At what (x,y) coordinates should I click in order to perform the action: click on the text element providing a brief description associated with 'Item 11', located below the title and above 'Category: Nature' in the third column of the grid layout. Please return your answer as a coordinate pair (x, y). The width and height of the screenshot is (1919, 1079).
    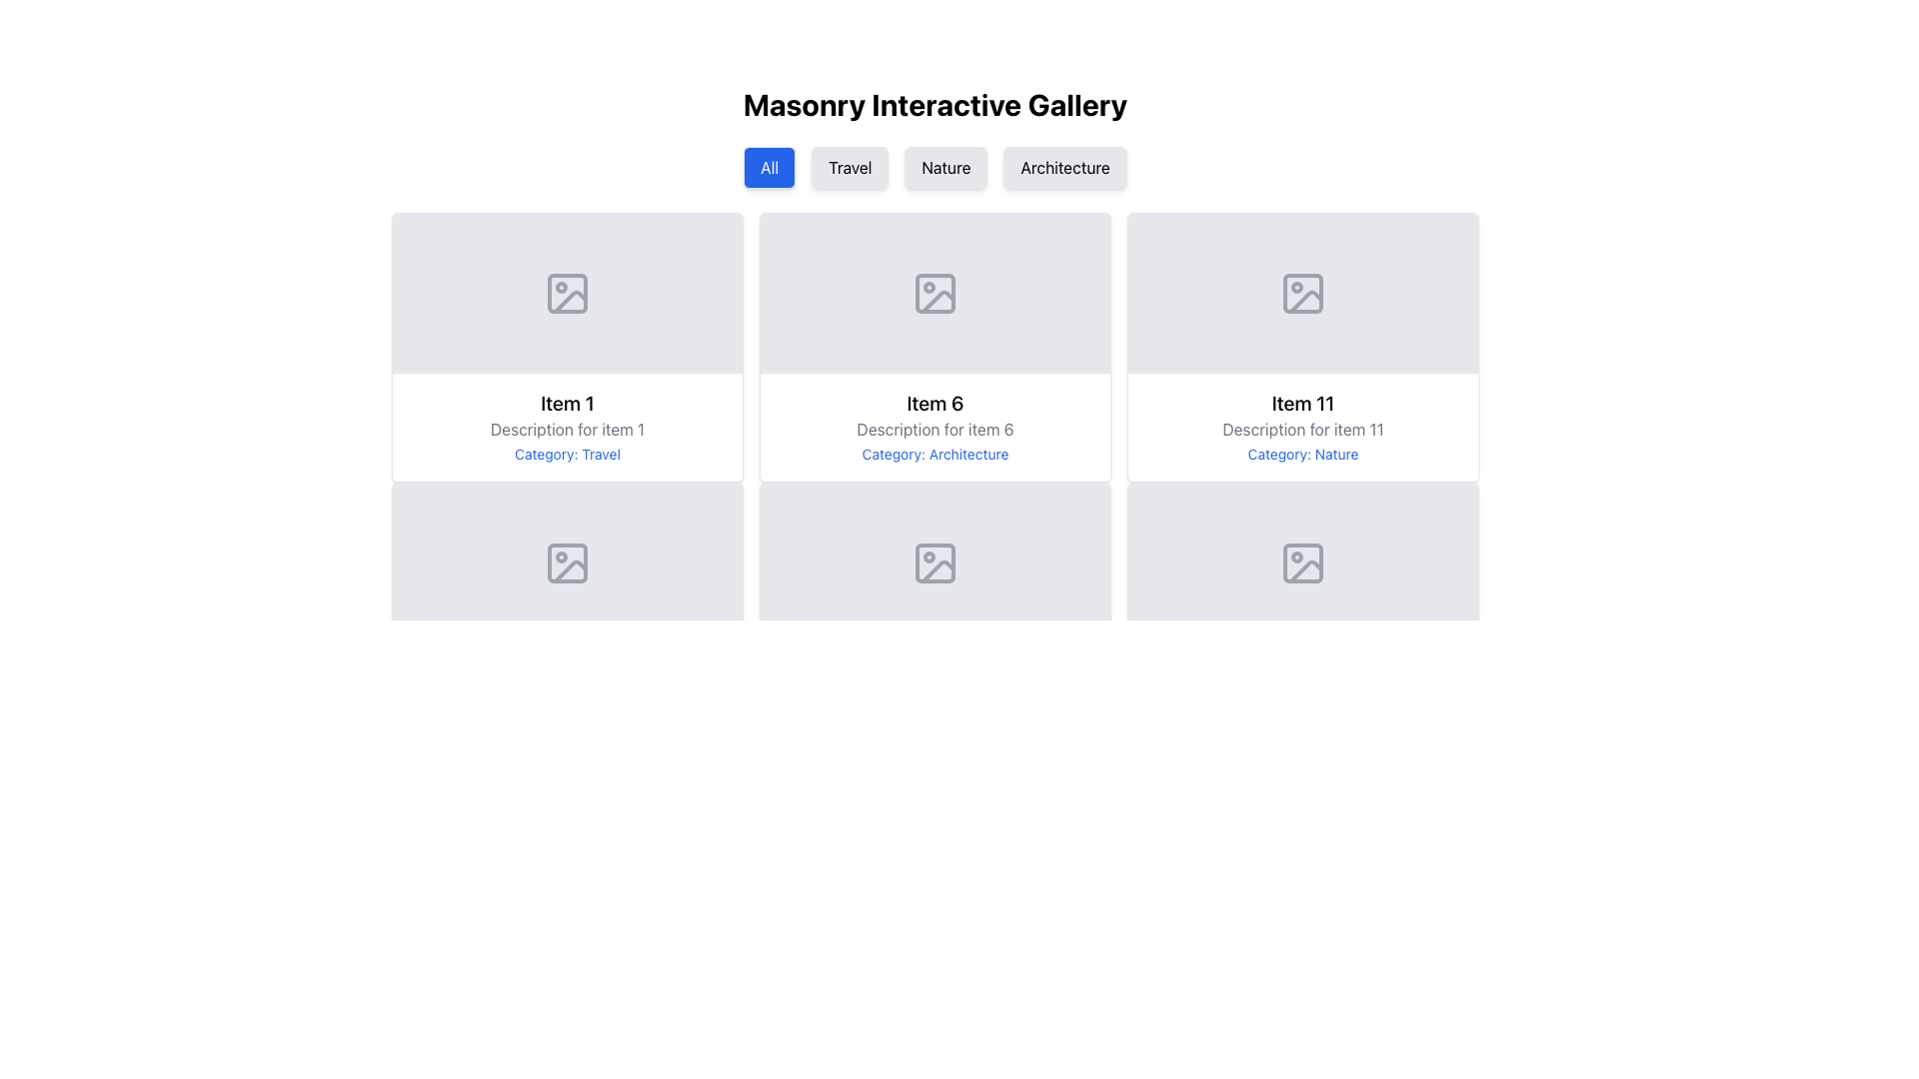
    Looking at the image, I should click on (1303, 428).